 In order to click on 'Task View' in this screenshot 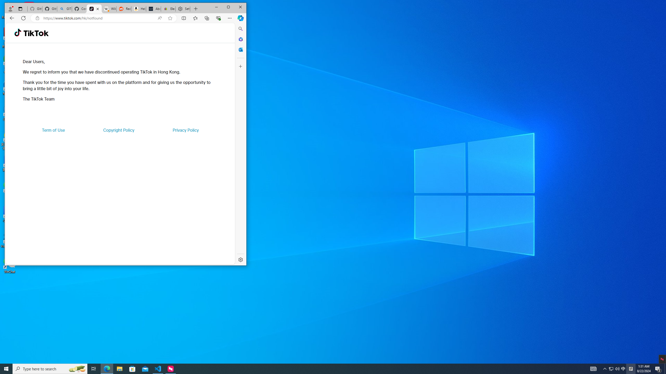, I will do `click(93, 368)`.